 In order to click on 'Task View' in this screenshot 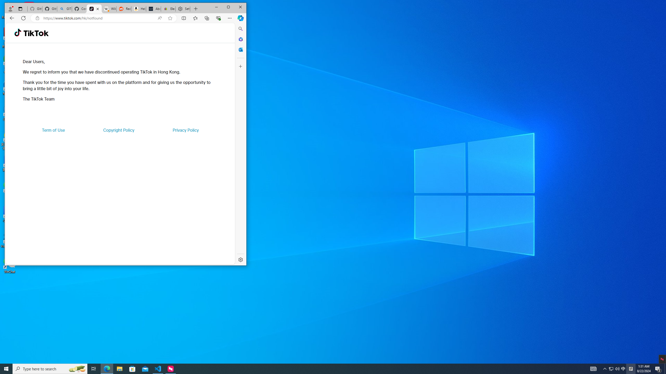, I will do `click(93, 368)`.